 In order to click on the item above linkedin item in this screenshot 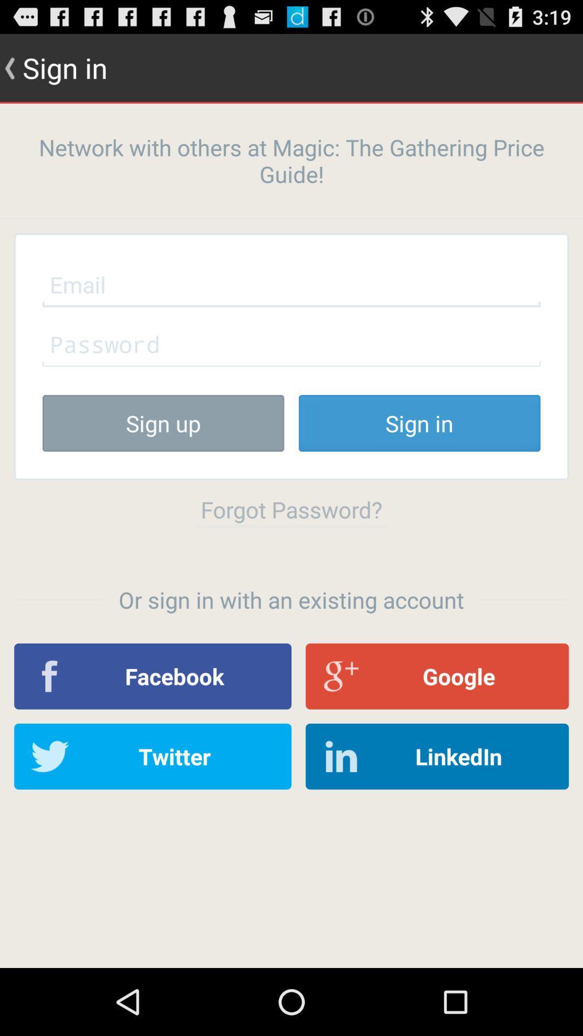, I will do `click(437, 676)`.